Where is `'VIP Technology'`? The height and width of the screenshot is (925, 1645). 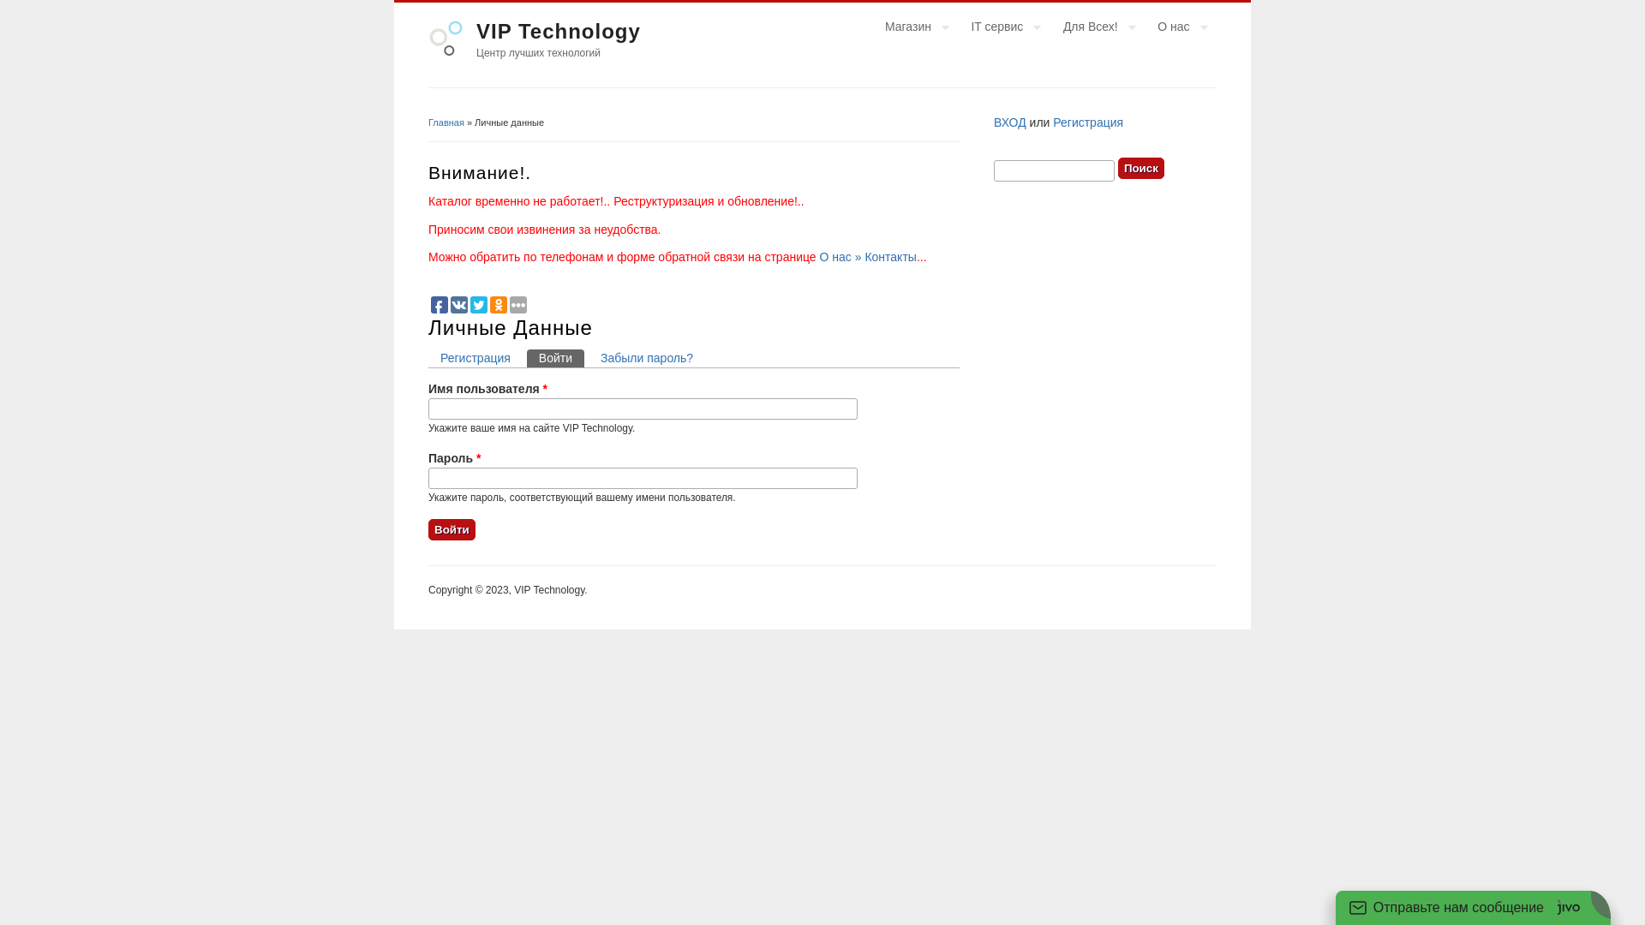 'VIP Technology' is located at coordinates (559, 31).